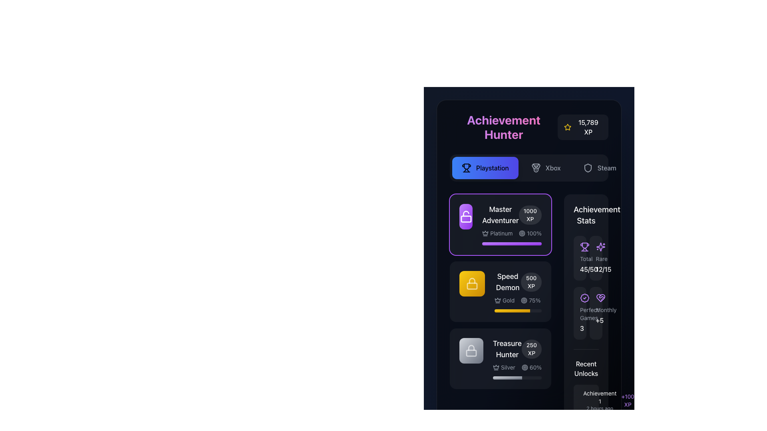 The image size is (767, 431). I want to click on the locked achievement icon representing the locked state of the 'Treasure Hunter' card, which is the third entry from the top in the grid of achievement cards, so click(471, 350).